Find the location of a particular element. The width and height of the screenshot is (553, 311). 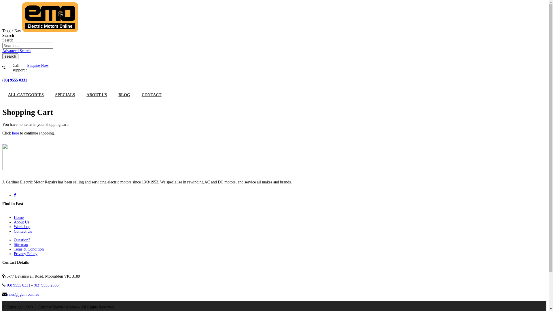

'ALL CATEGORIES' is located at coordinates (26, 95).